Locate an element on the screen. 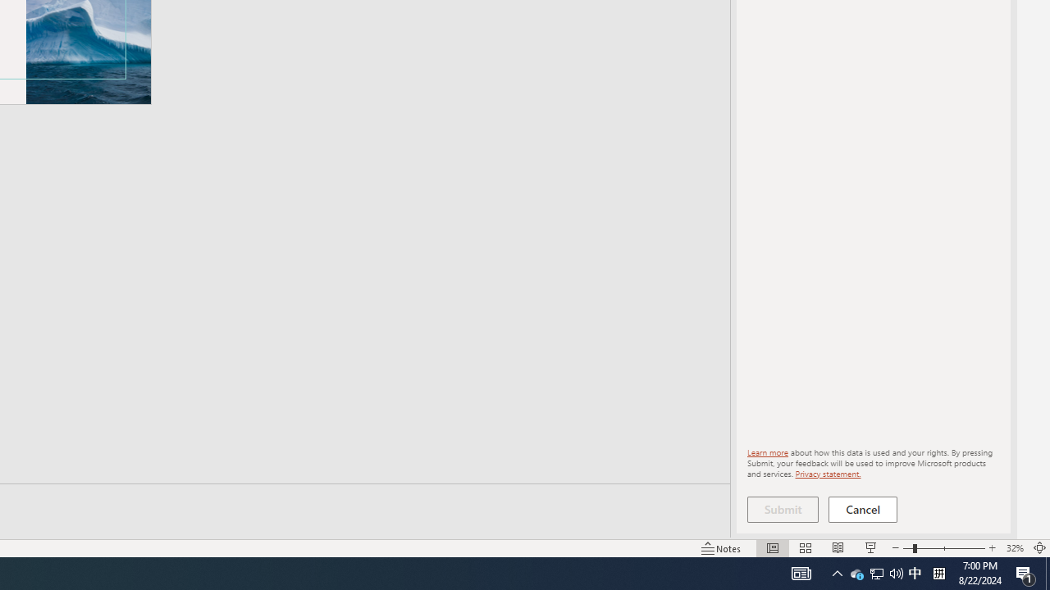 The height and width of the screenshot is (590, 1050). 'Submit' is located at coordinates (782, 509).